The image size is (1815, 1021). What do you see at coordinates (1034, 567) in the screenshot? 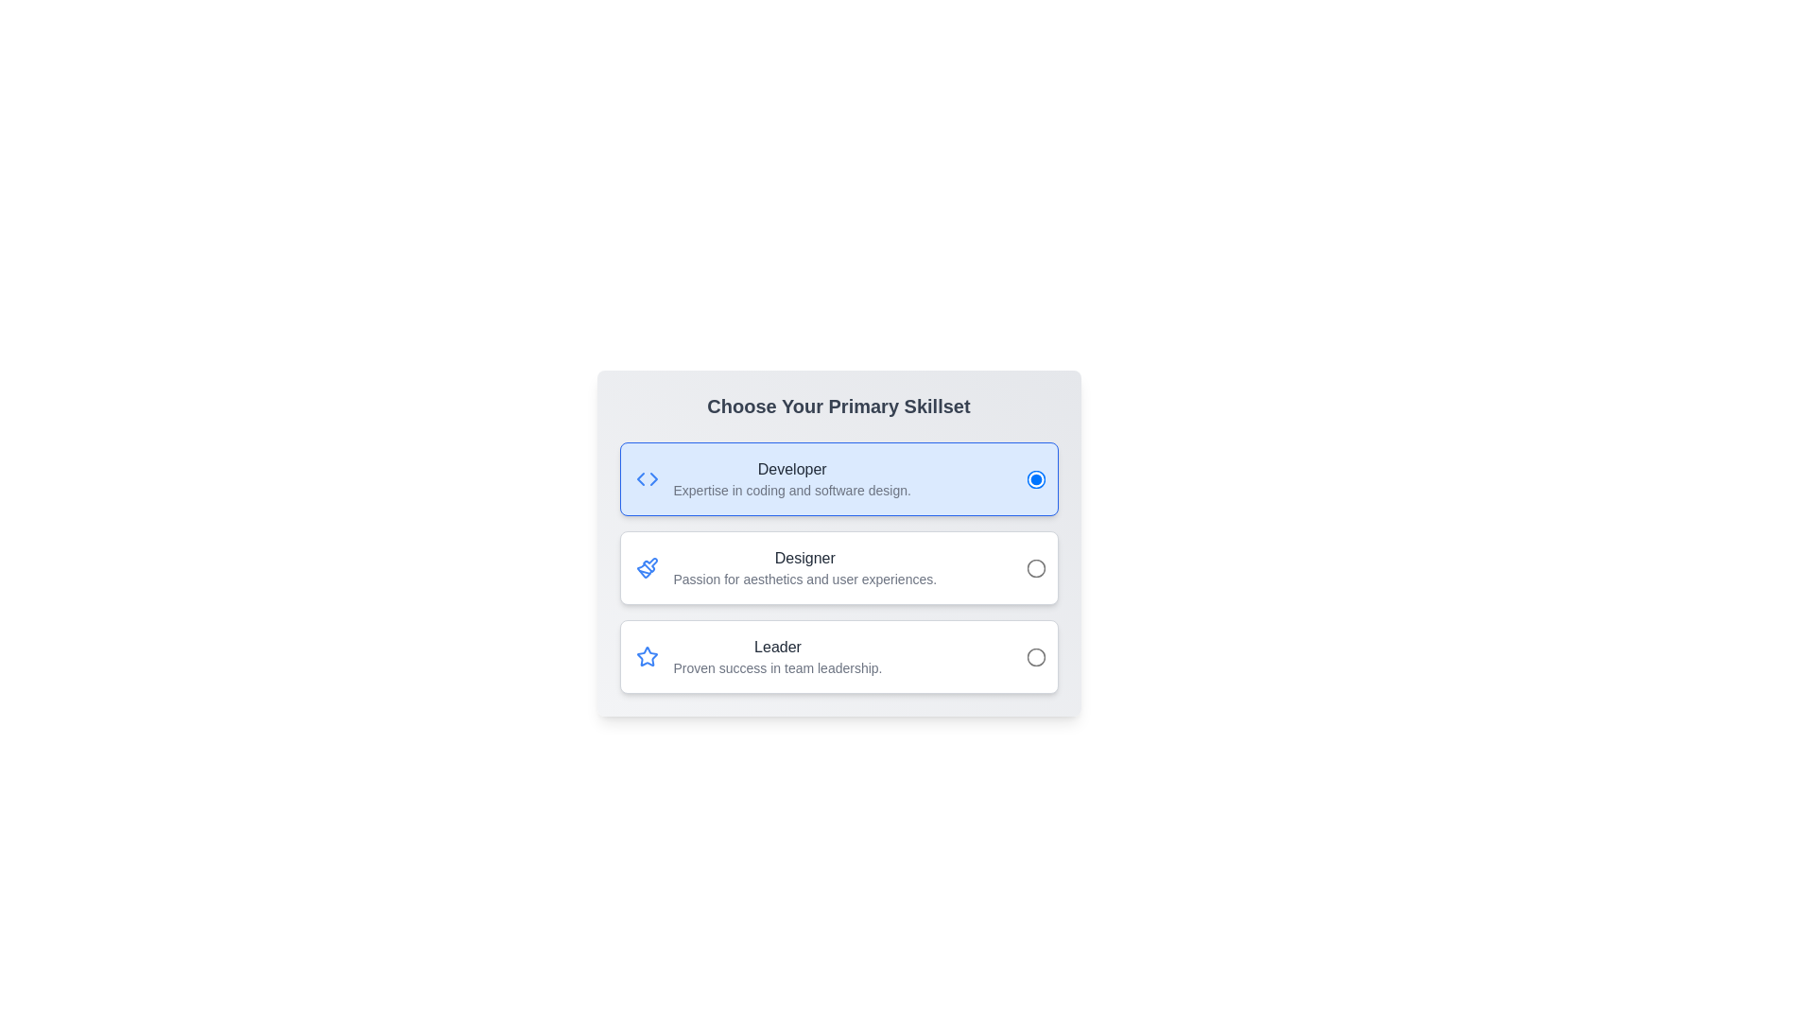
I see `the radio button` at bounding box center [1034, 567].